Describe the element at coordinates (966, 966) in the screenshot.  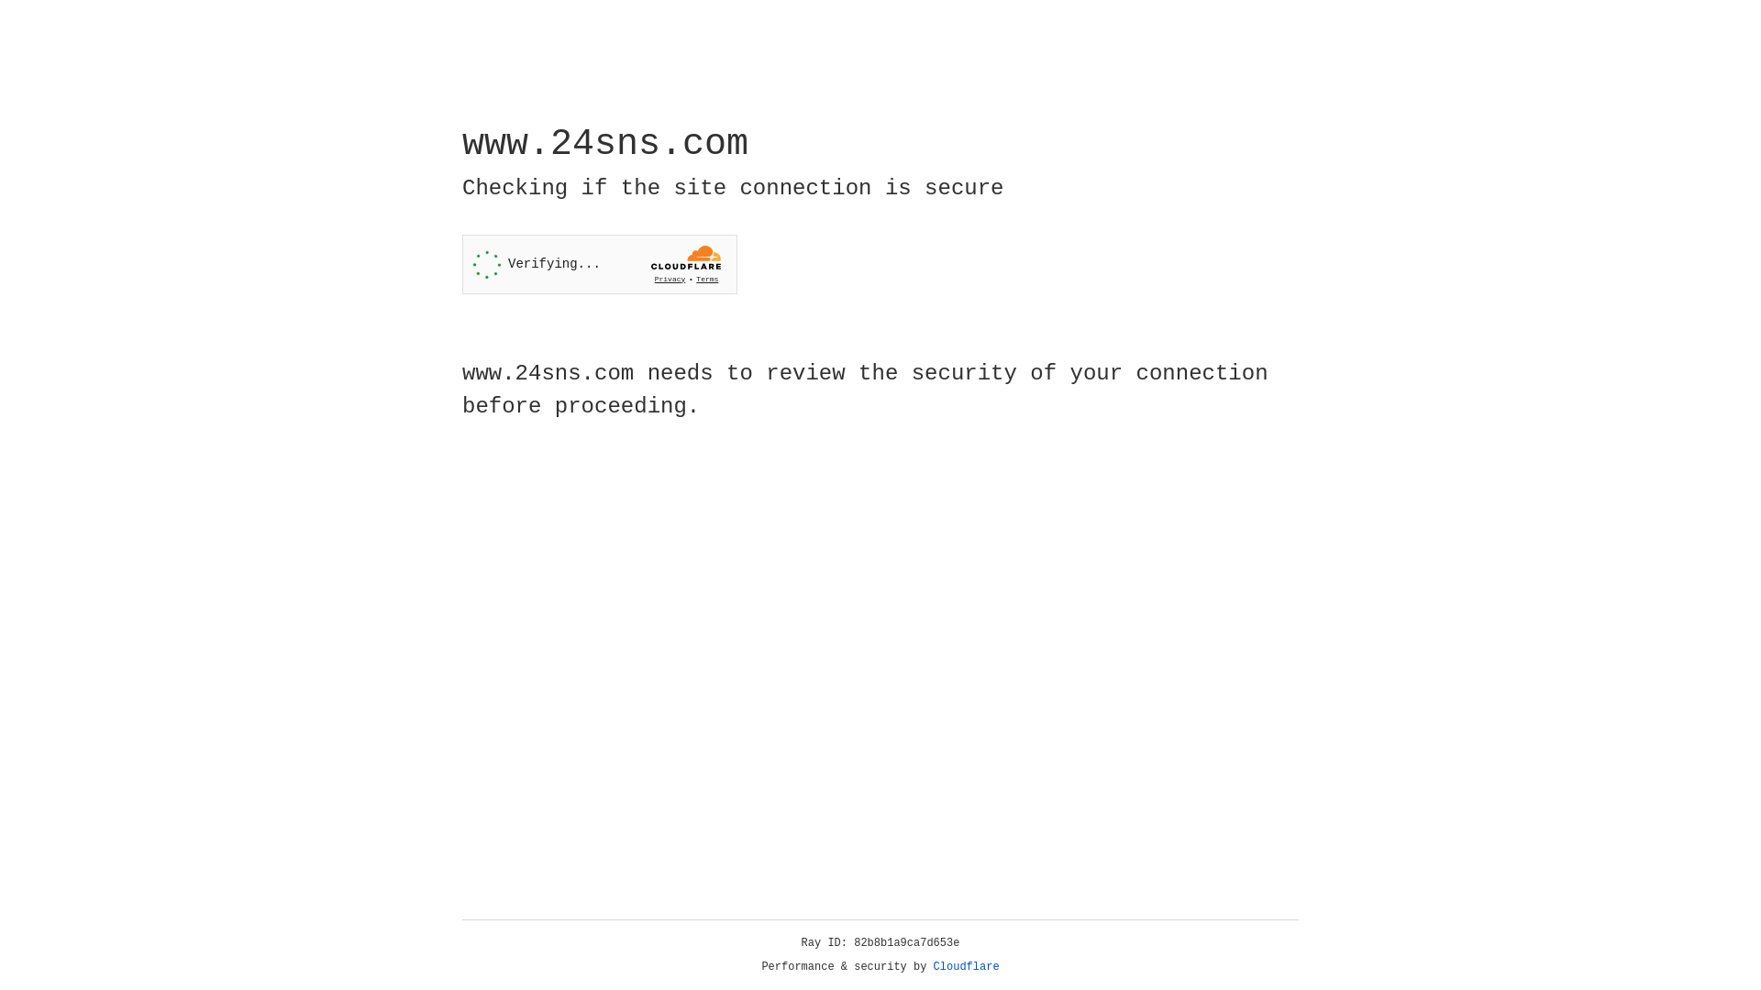
I see `'Cloudflare'` at that location.